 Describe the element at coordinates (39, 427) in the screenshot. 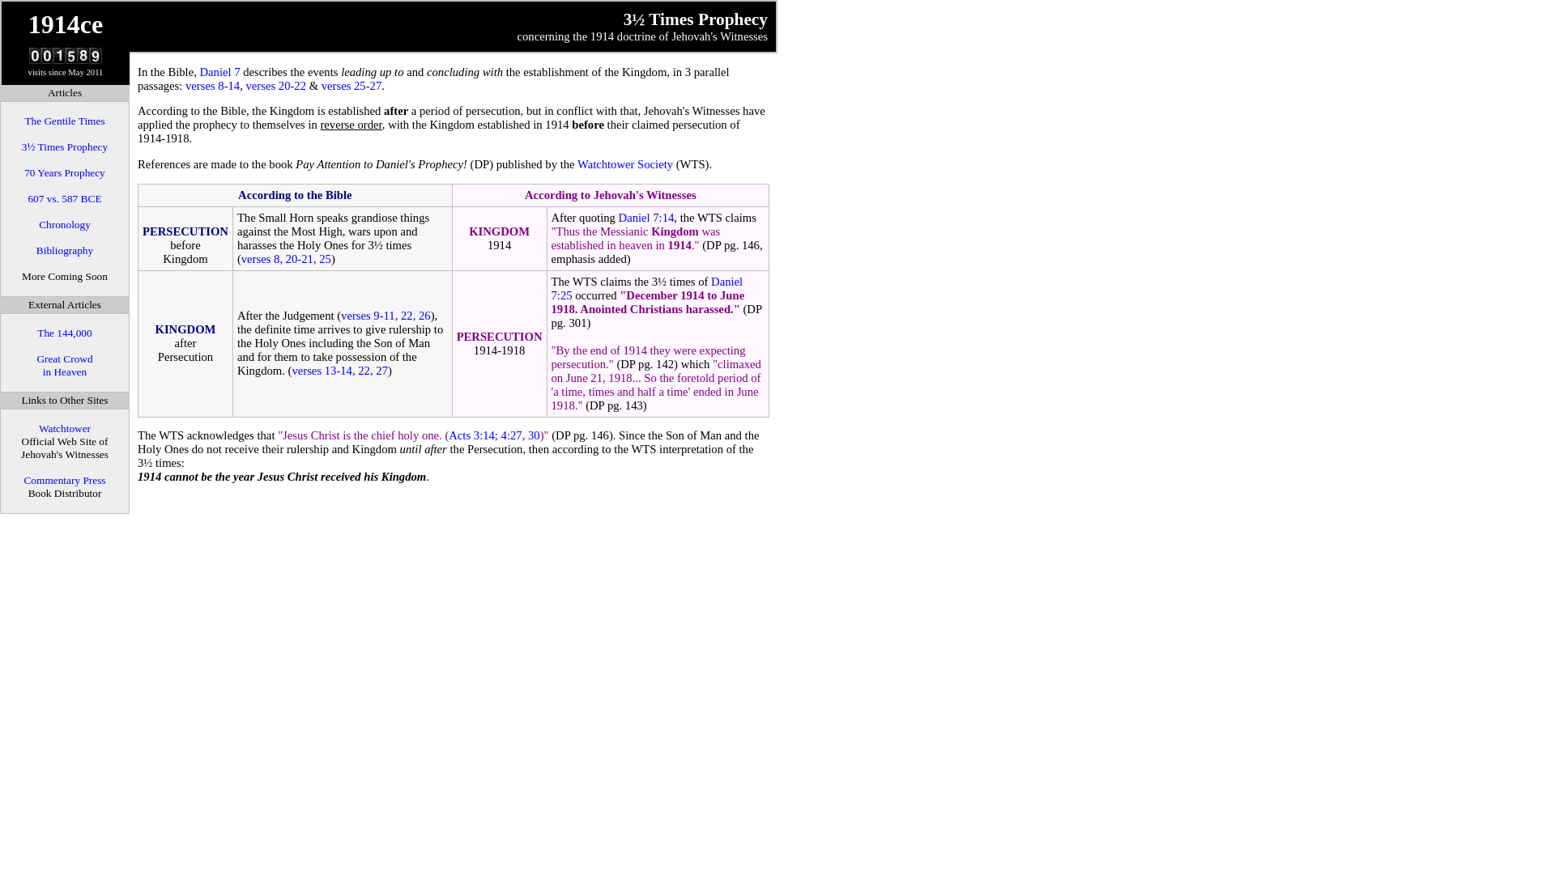

I see `'Watchtower'` at that location.